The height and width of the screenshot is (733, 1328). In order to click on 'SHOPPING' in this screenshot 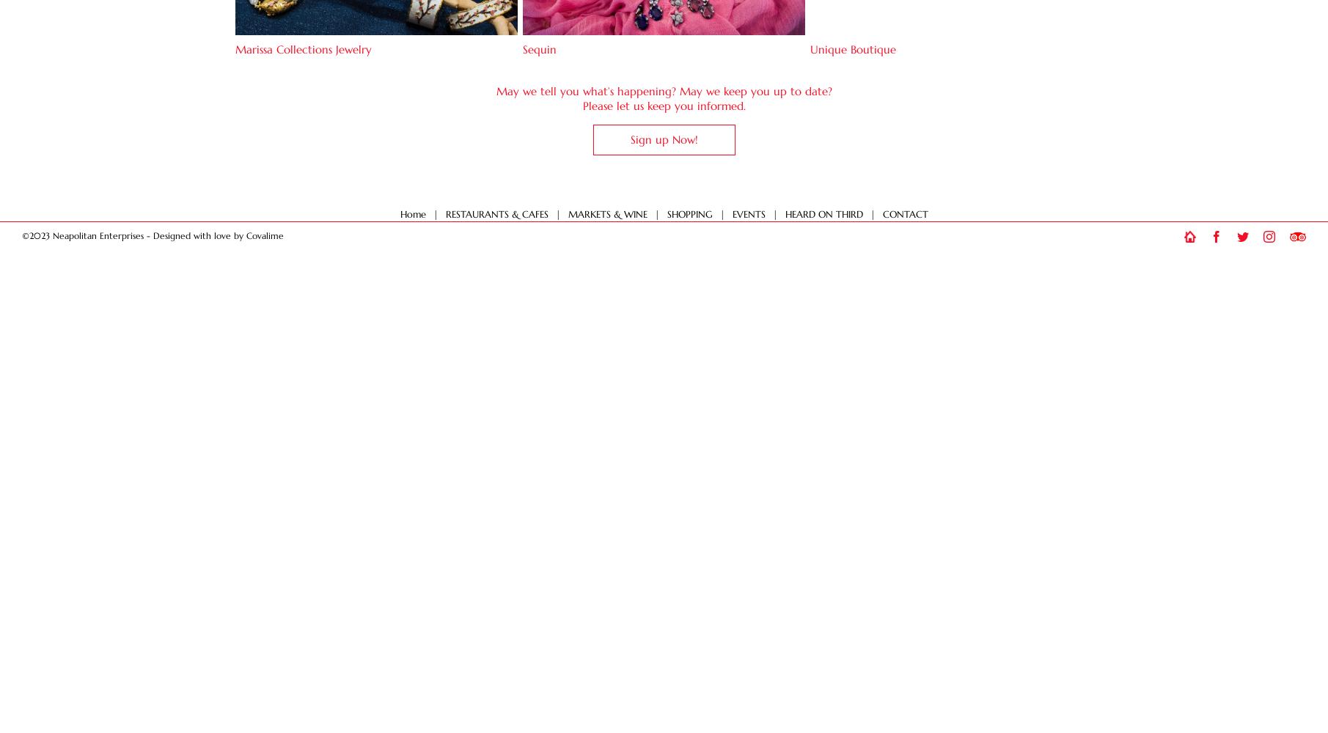, I will do `click(689, 214)`.